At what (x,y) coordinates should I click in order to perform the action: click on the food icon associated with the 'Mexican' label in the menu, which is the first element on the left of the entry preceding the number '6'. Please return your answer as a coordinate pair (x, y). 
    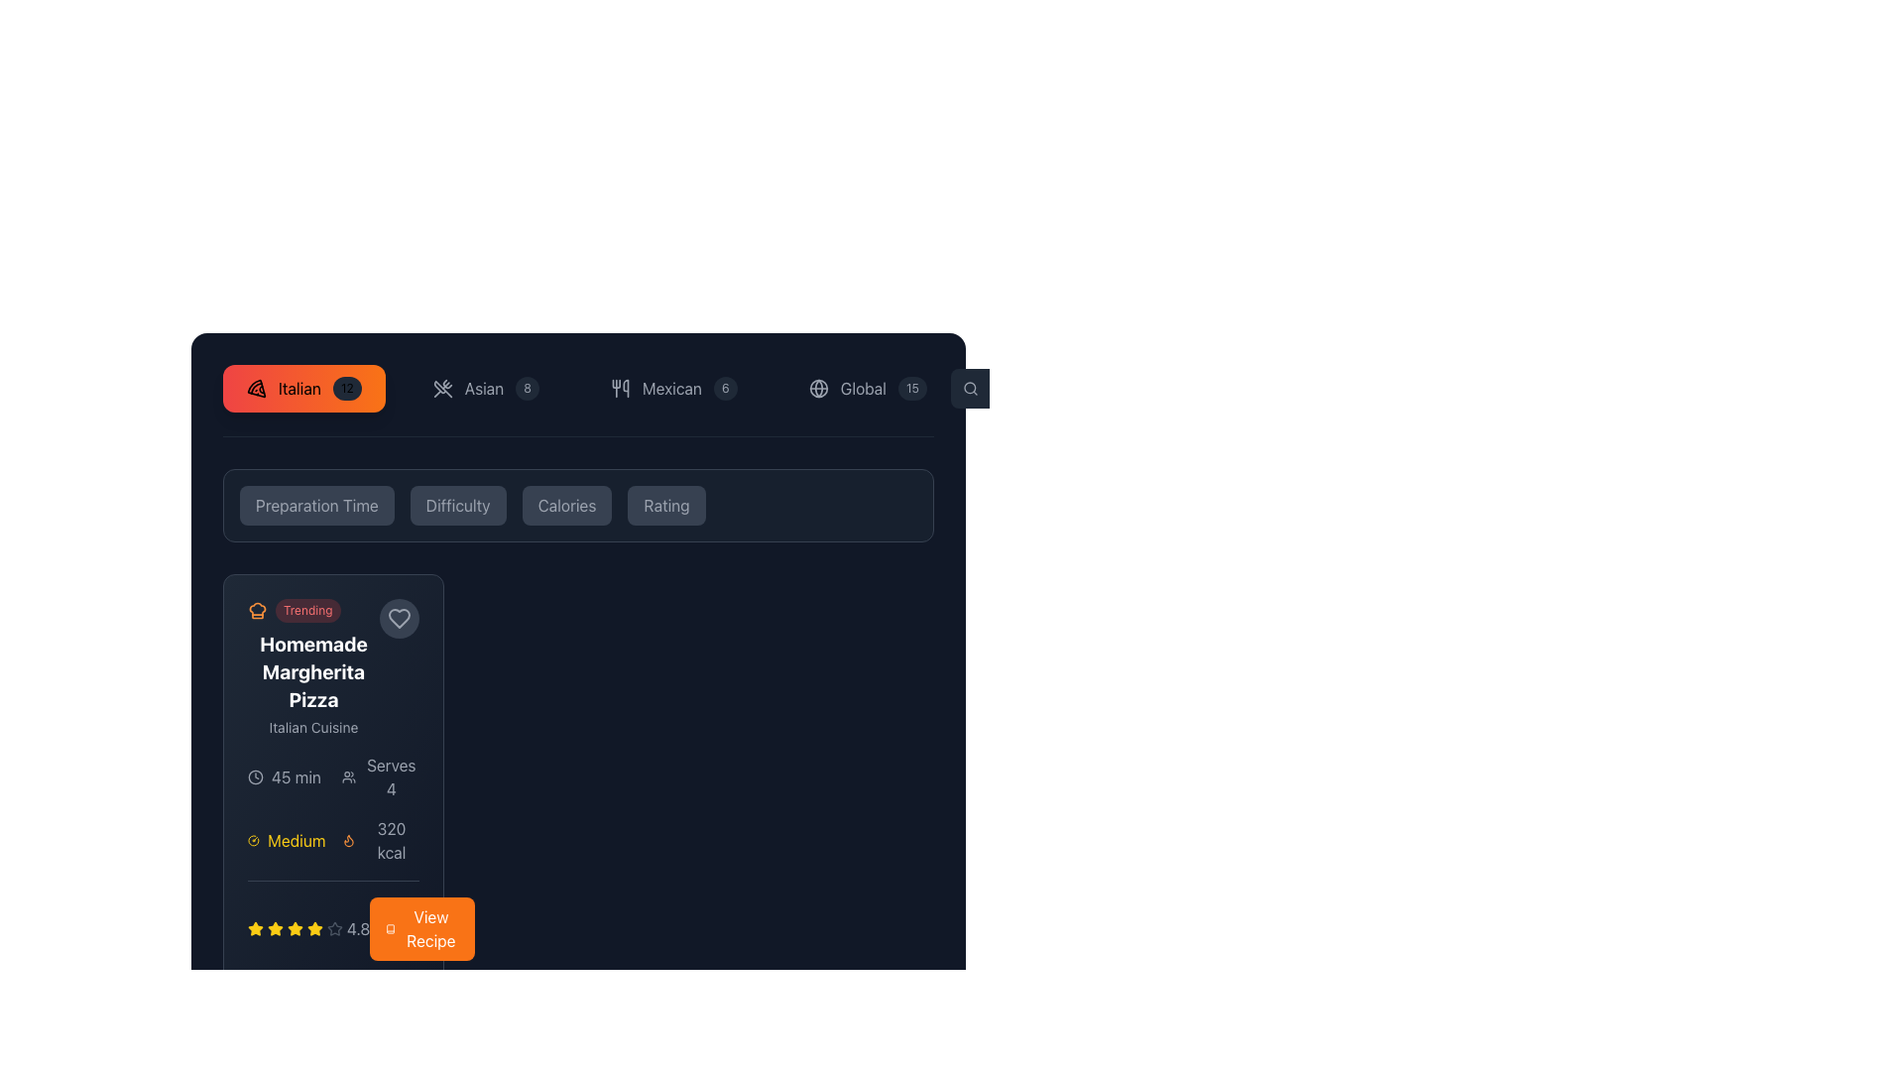
    Looking at the image, I should click on (619, 389).